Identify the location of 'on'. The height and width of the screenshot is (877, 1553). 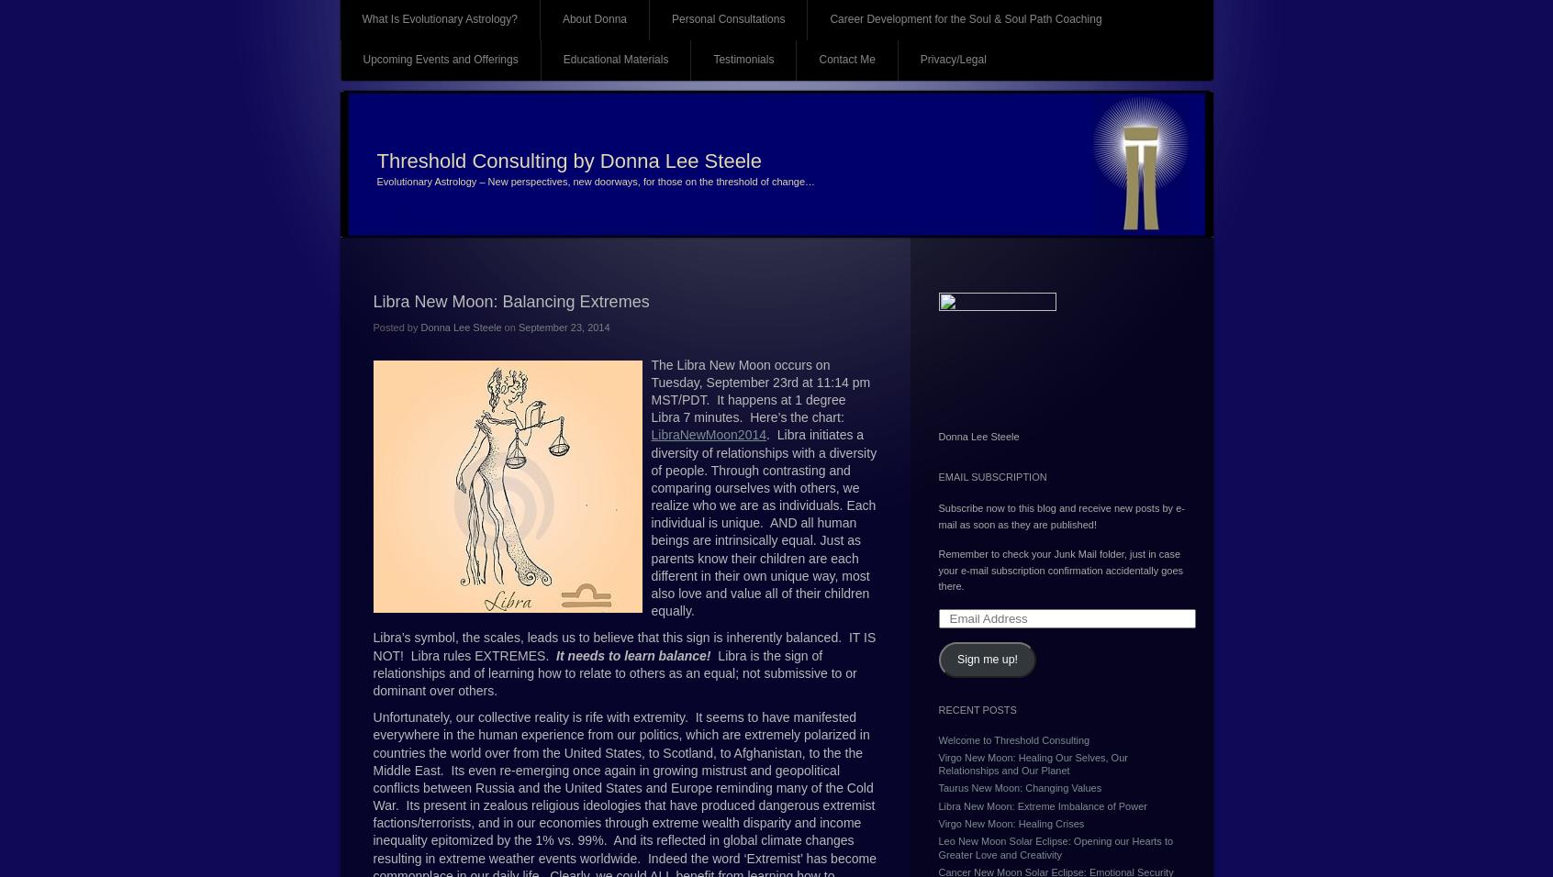
(508, 326).